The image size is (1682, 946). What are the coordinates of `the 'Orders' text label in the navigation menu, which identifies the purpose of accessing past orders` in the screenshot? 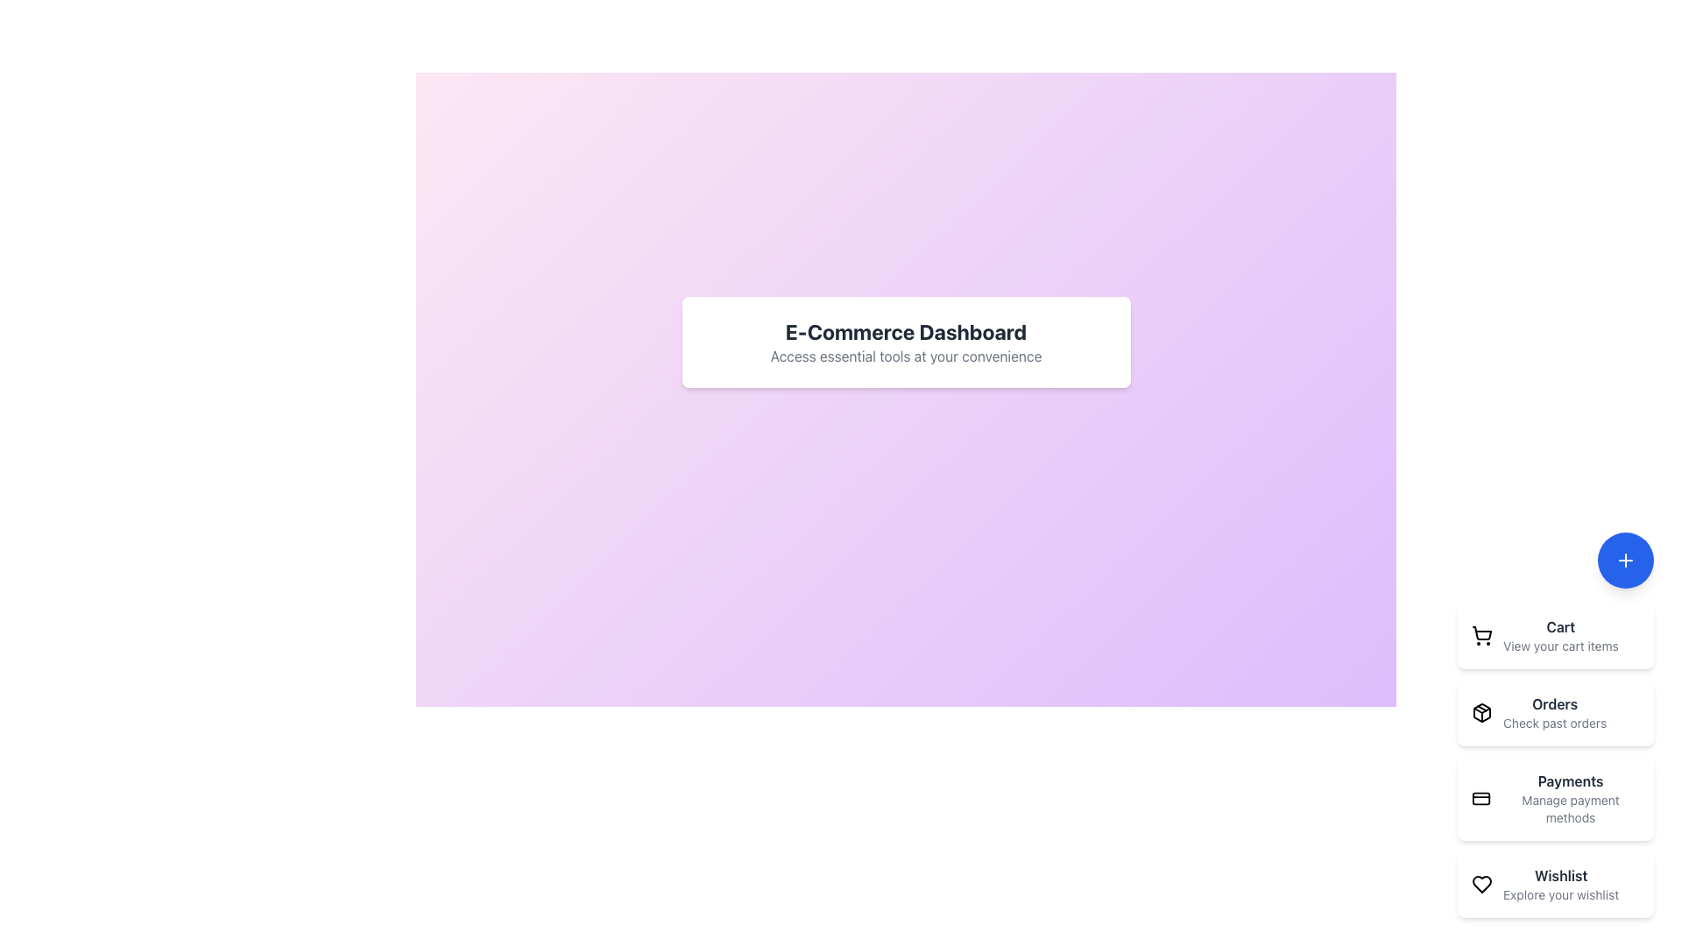 It's located at (1555, 702).